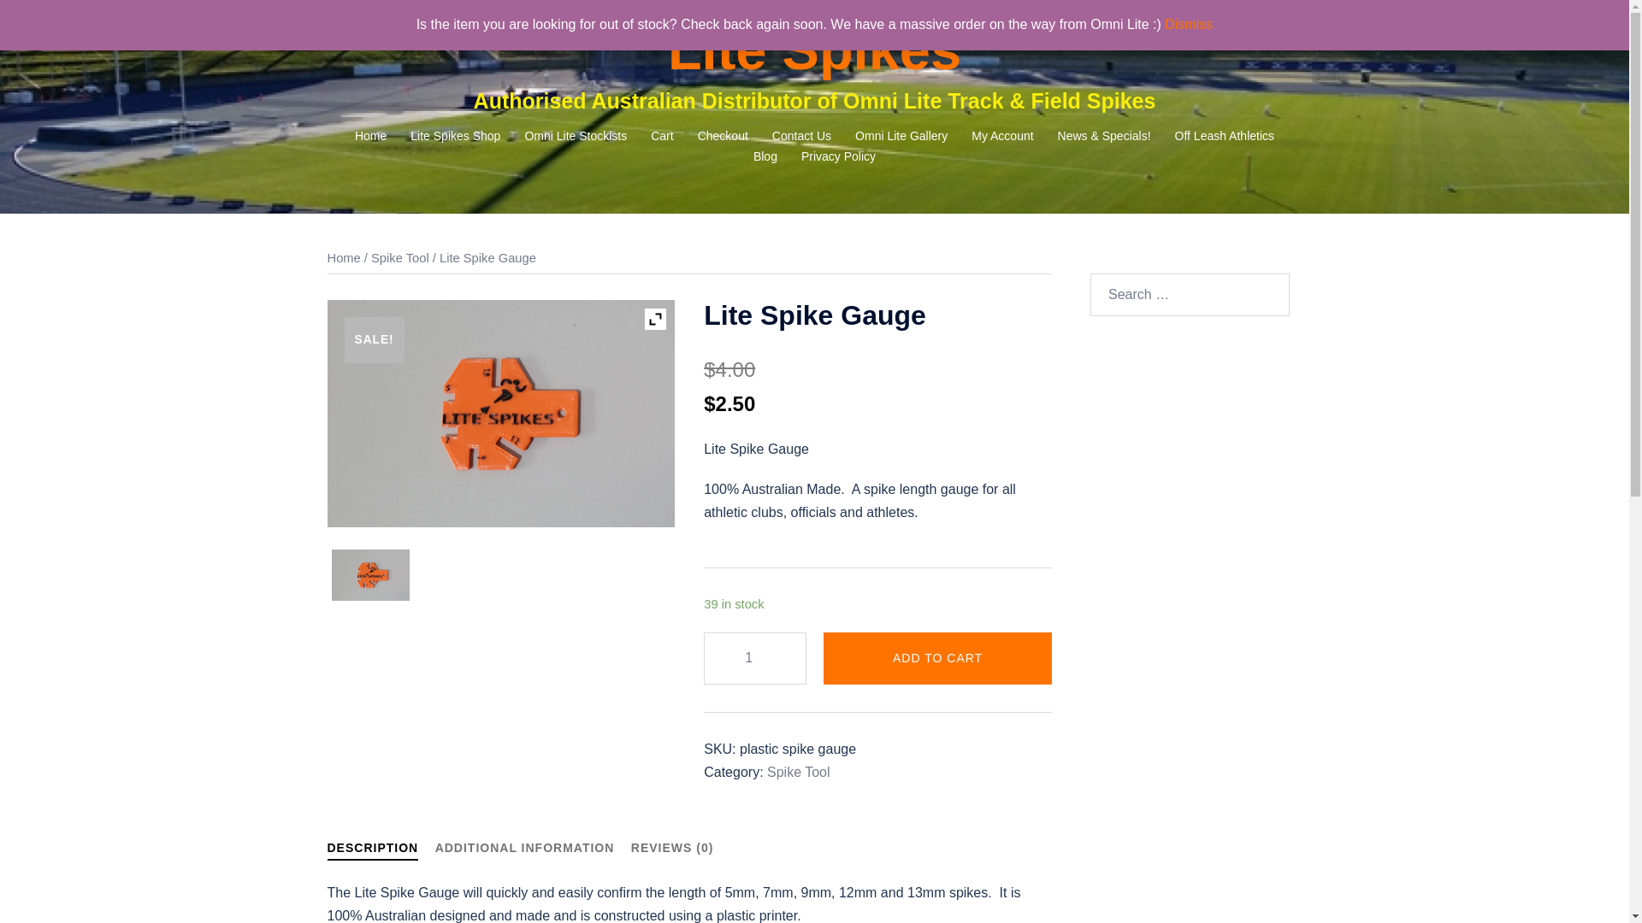  Describe the element at coordinates (434, 847) in the screenshot. I see `'ADDITIONAL INFORMATION'` at that location.